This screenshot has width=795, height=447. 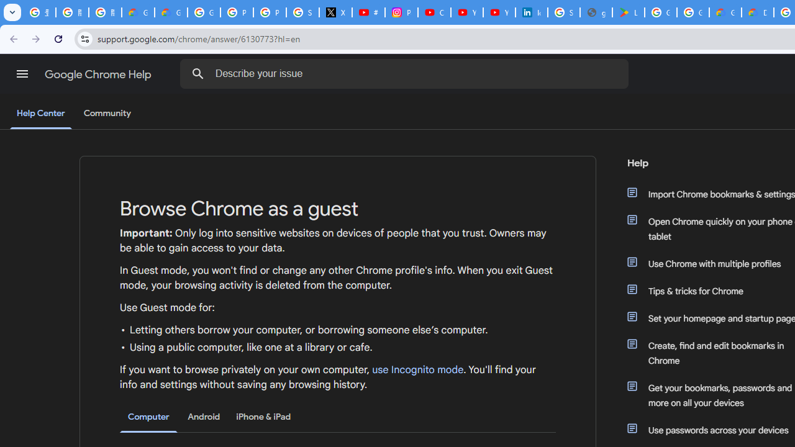 What do you see at coordinates (170, 12) in the screenshot?
I see `'Google Cloud Privacy Notice'` at bounding box center [170, 12].